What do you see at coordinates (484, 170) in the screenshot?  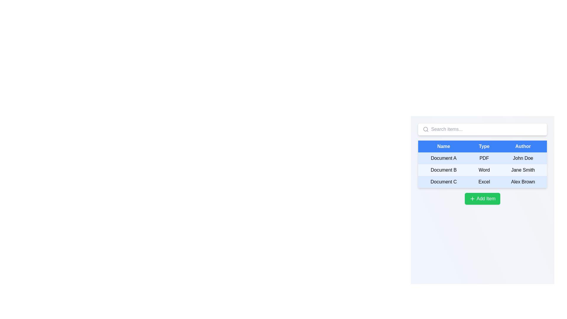 I see `text label indicating 'Word' in the second row, second column of the data table for 'Document B'` at bounding box center [484, 170].